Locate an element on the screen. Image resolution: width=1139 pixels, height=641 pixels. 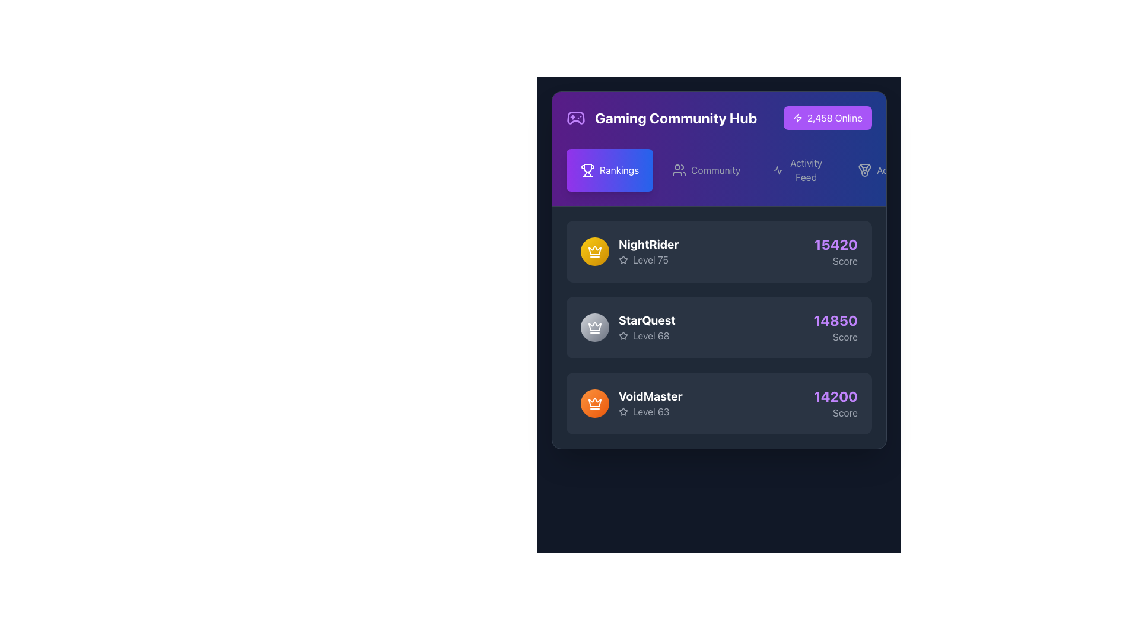
the 'Community' button, which is the second button in the top navigation bar, to trigger the background color change effect is located at coordinates (706, 170).